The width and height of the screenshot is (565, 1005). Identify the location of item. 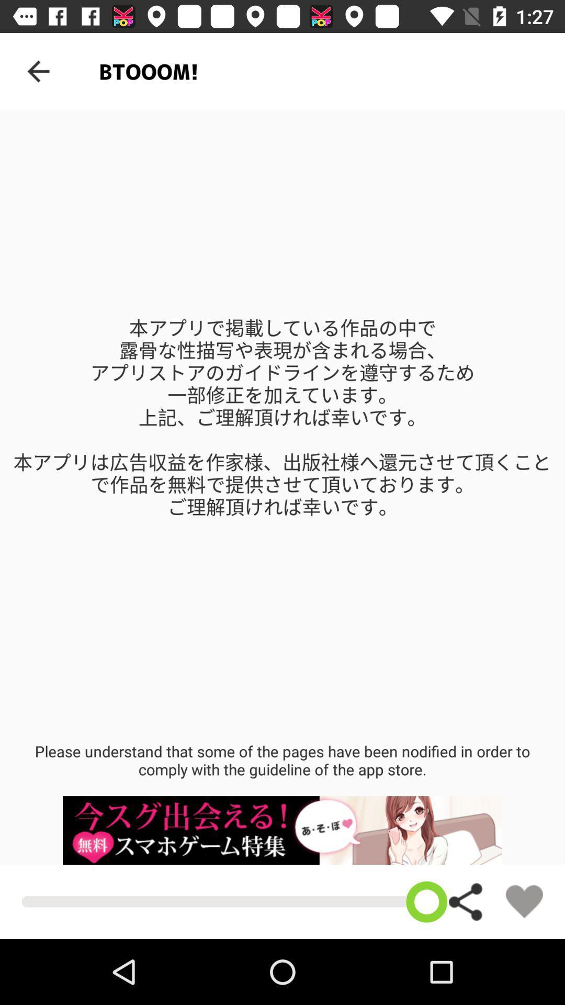
(524, 901).